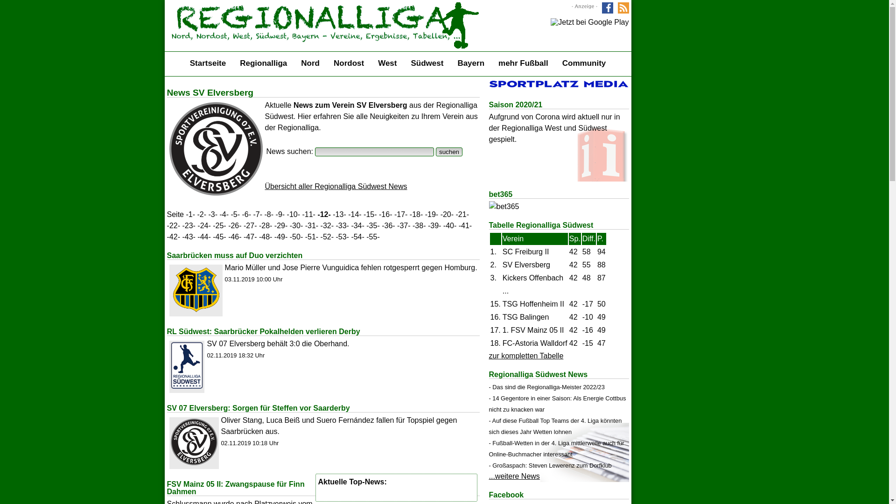 This screenshot has width=896, height=504. I want to click on '-4-', so click(219, 214).